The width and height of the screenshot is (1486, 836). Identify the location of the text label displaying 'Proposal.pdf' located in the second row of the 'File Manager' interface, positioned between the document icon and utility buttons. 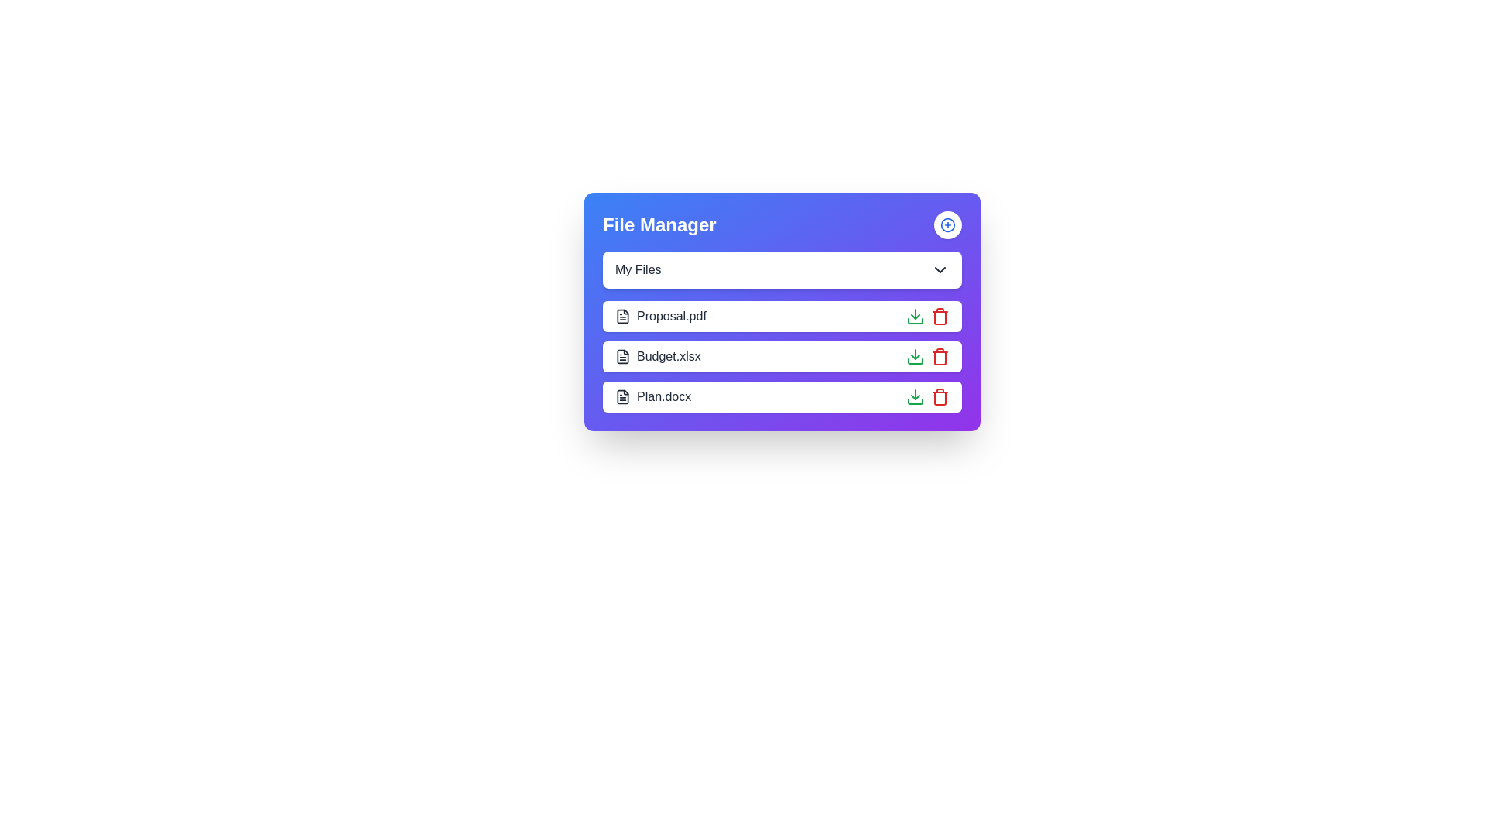
(660, 315).